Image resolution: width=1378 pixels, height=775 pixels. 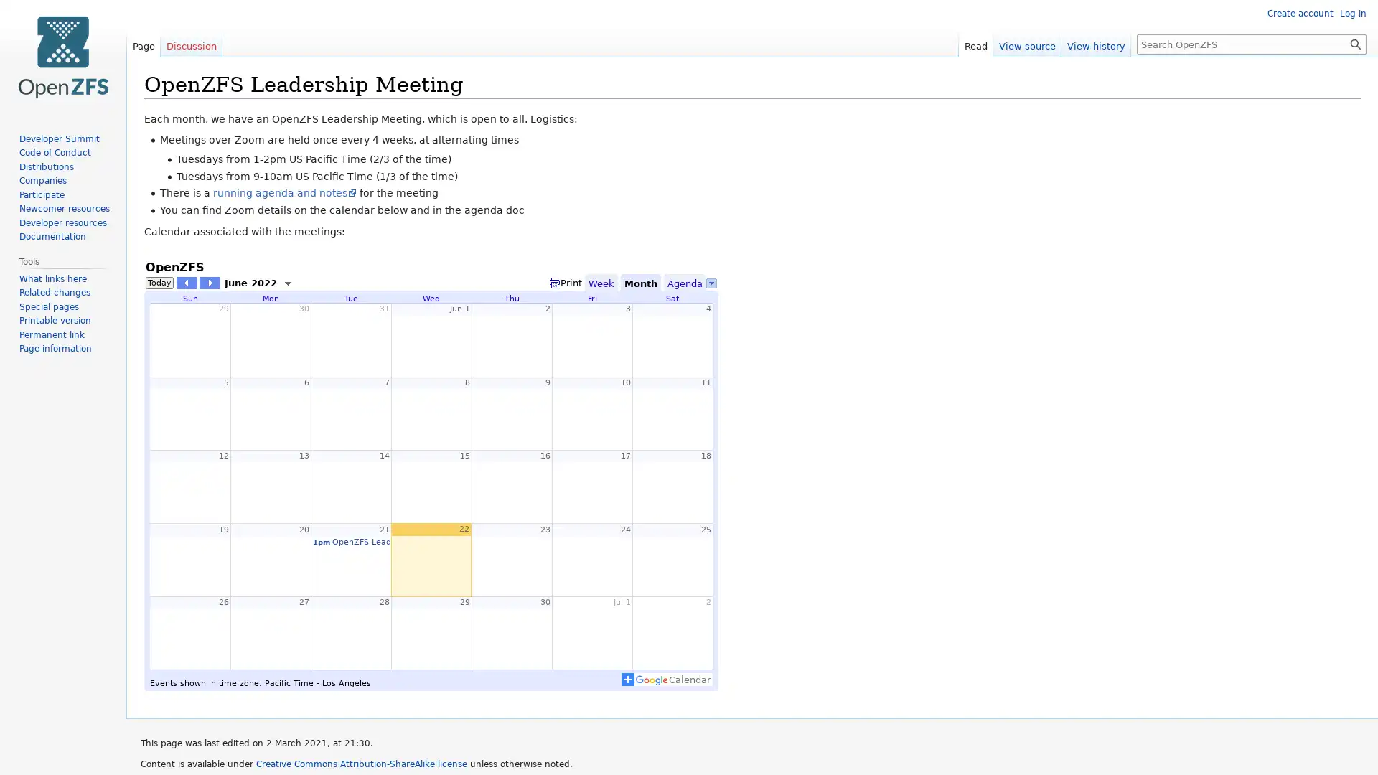 What do you see at coordinates (1355, 43) in the screenshot?
I see `Go` at bounding box center [1355, 43].